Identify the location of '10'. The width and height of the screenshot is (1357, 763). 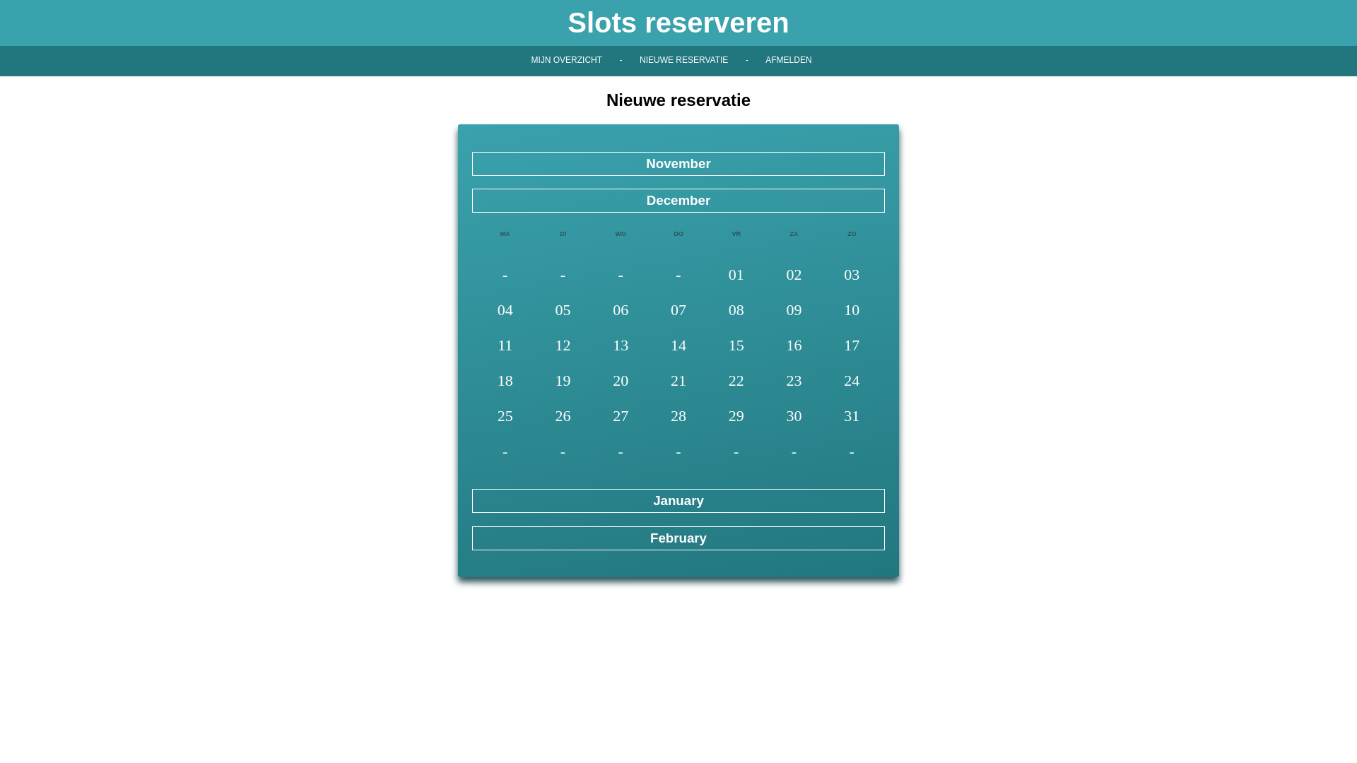
(850, 310).